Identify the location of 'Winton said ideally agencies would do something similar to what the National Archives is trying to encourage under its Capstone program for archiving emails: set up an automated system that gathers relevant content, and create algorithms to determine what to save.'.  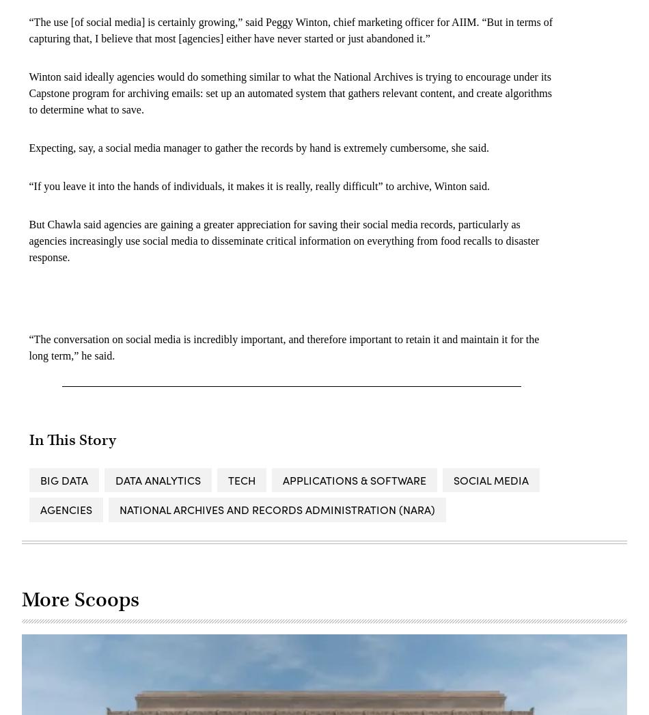
(290, 92).